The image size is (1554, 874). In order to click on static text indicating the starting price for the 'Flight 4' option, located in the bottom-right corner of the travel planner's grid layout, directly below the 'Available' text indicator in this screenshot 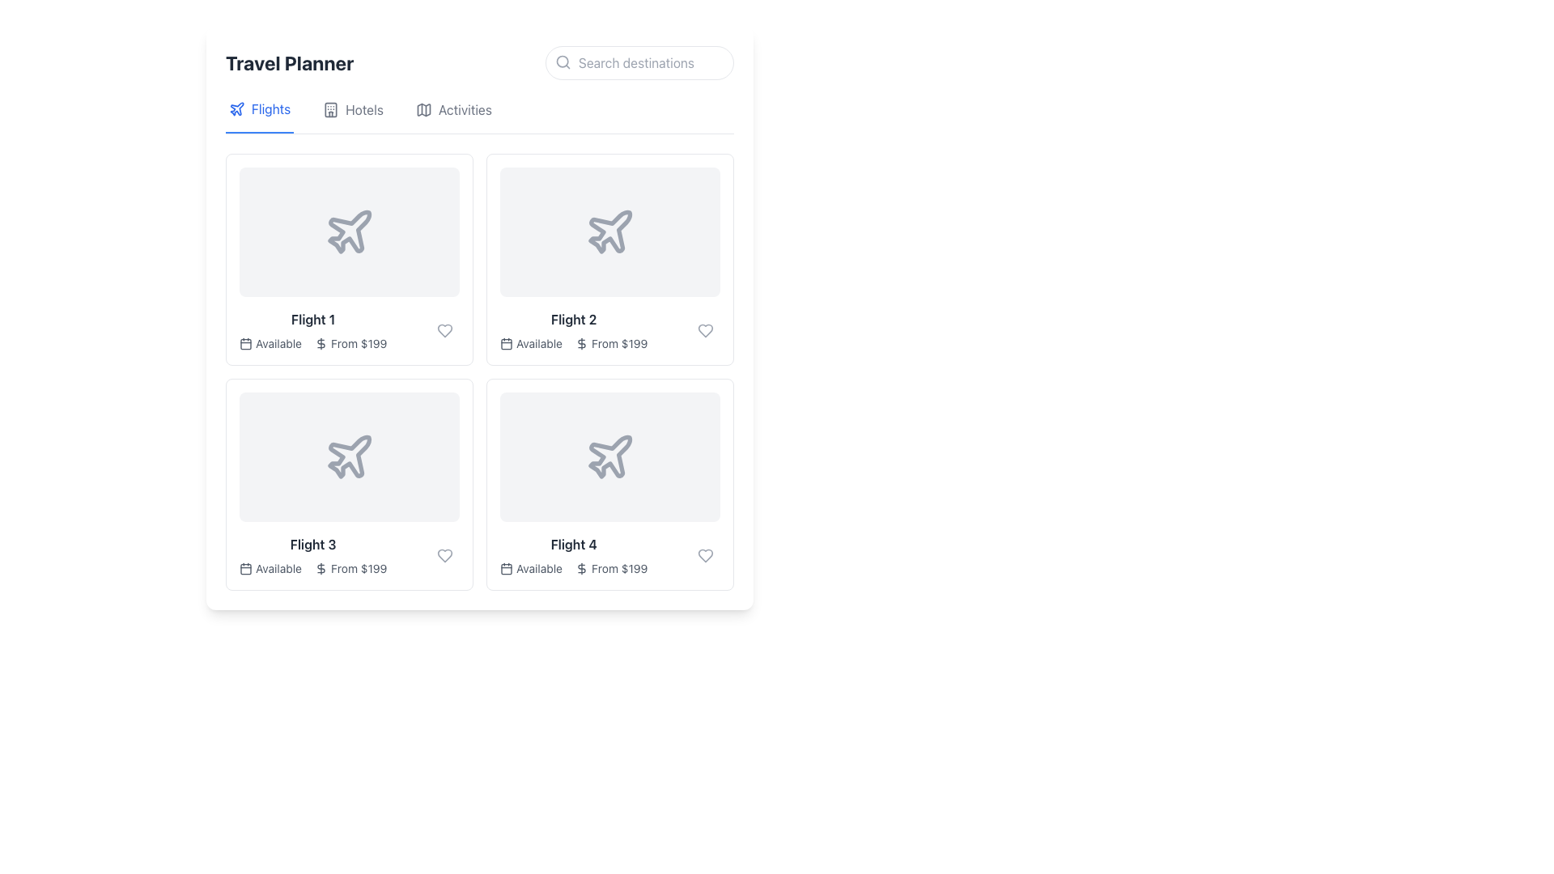, I will do `click(618, 567)`.